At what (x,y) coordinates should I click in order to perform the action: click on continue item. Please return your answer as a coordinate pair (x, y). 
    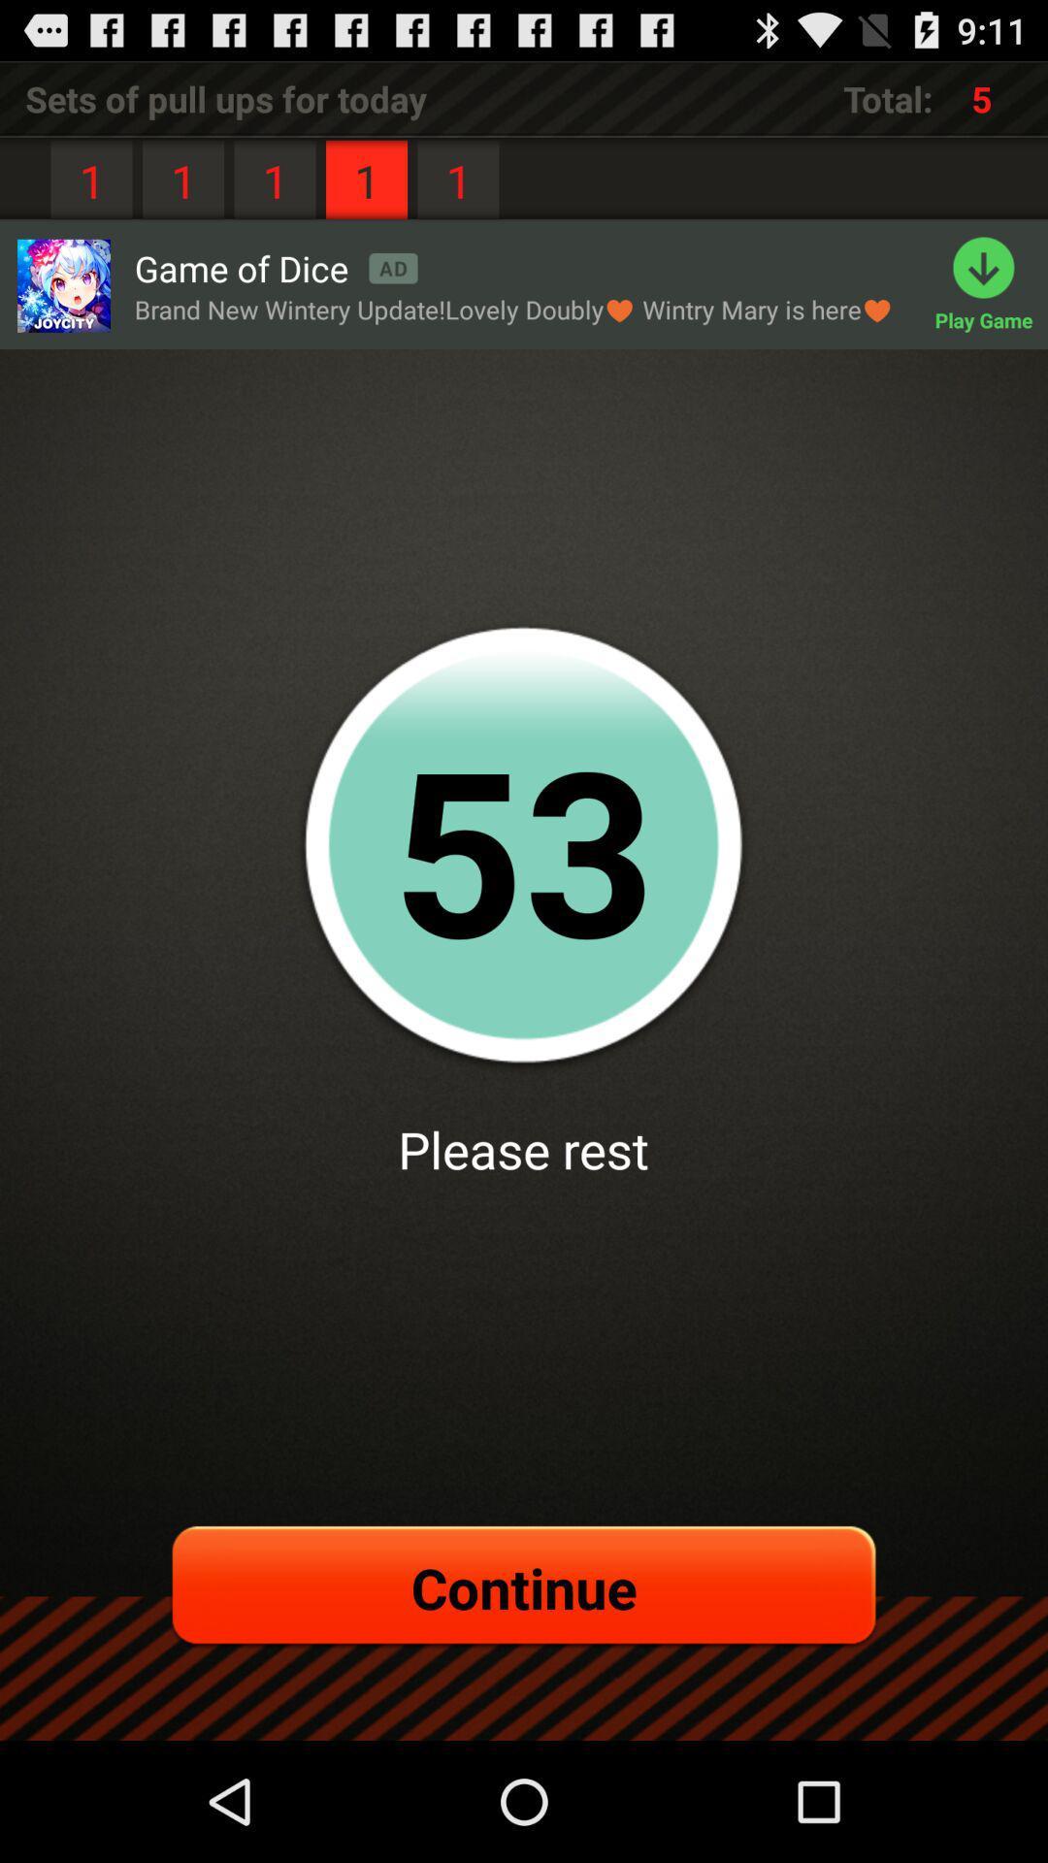
    Looking at the image, I should click on (524, 1587).